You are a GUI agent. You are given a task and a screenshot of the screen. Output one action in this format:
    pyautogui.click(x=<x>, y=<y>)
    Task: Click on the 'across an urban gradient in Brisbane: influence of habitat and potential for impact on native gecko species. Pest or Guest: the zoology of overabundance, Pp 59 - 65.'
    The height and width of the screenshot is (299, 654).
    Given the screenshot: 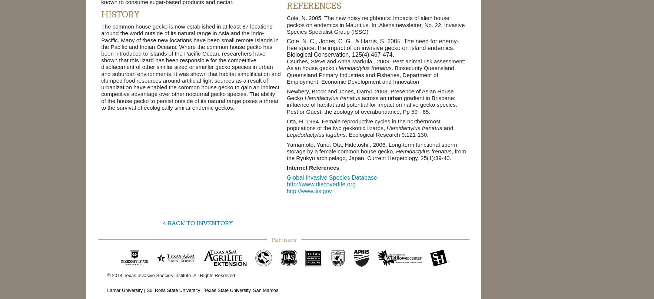 What is the action you would take?
    pyautogui.click(x=372, y=104)
    